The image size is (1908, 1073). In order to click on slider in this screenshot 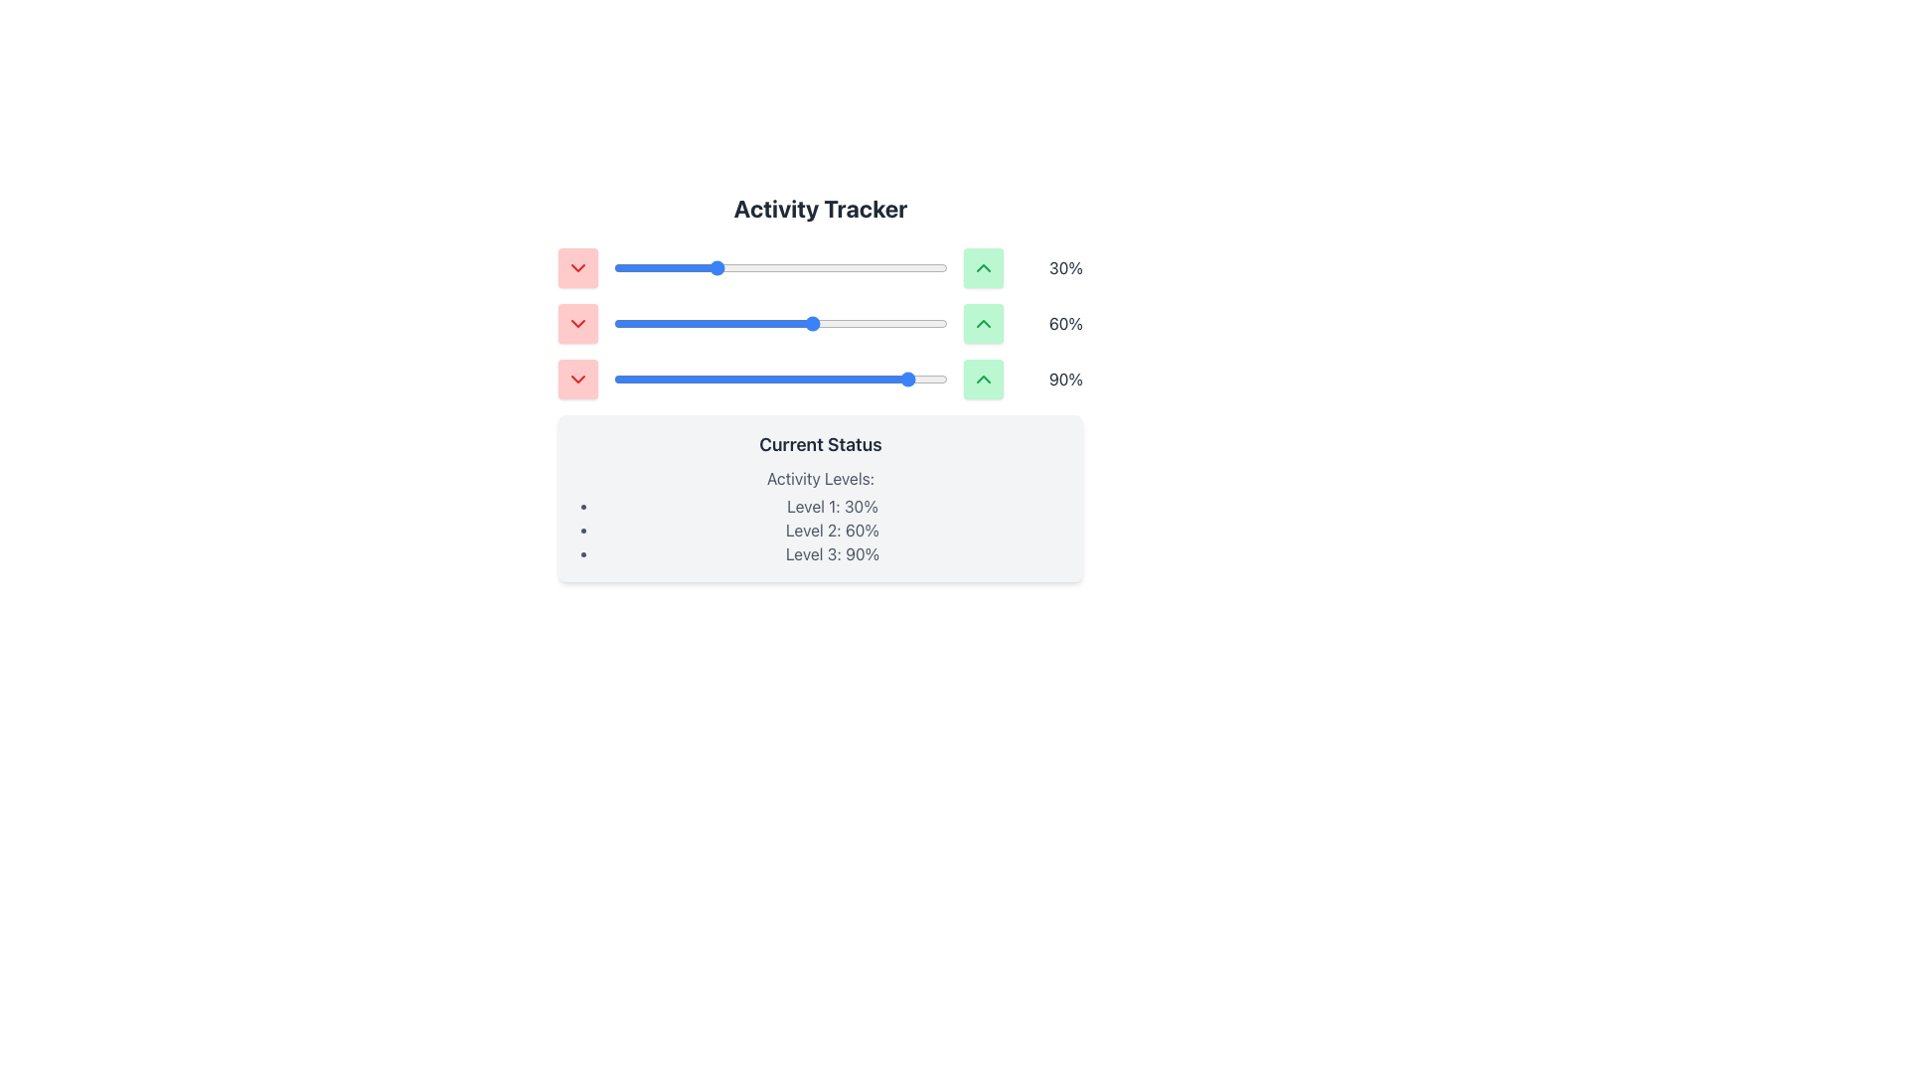, I will do `click(889, 268)`.